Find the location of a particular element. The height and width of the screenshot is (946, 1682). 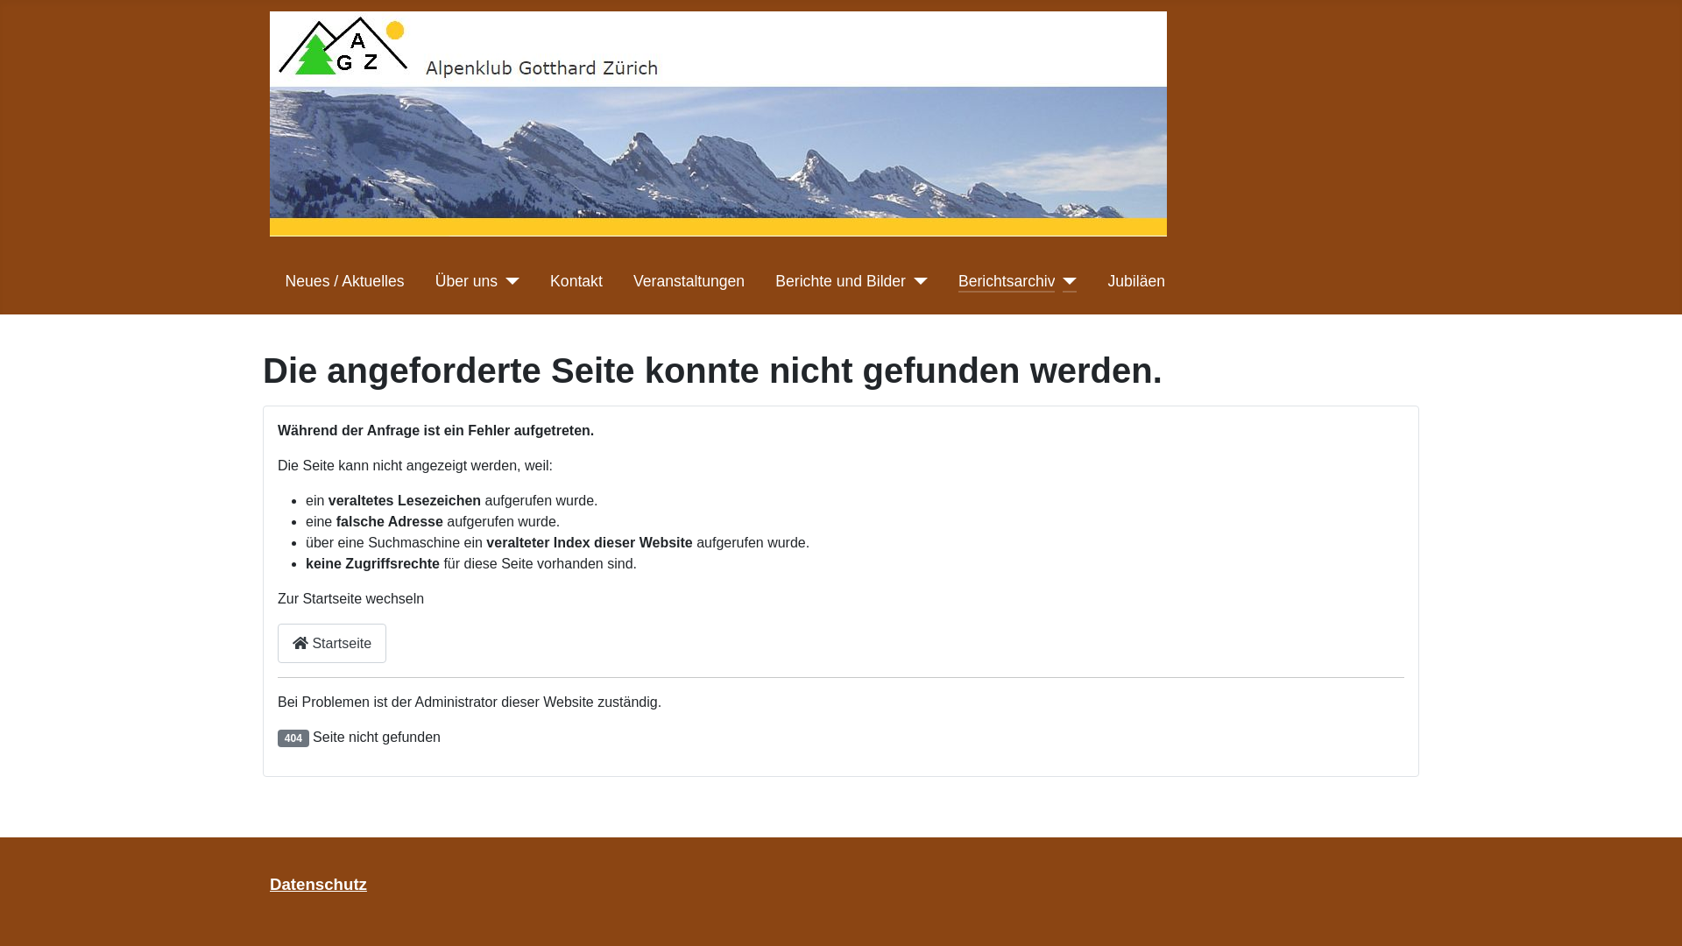

'Veranstaltungen' is located at coordinates (633, 279).